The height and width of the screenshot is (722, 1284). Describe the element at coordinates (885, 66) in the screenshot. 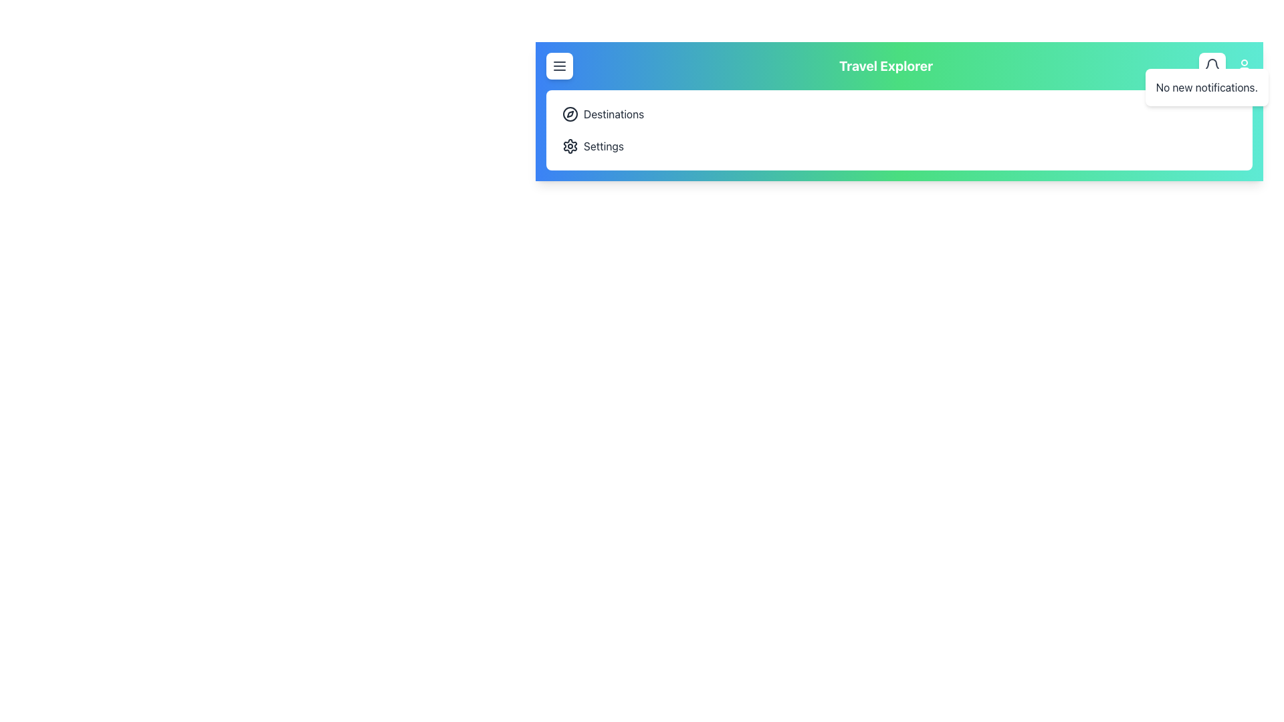

I see `the Text Label that represents the title 'Travel Explorer' in the navigation bar, located centrally between the menu icon and user-related icons` at that location.